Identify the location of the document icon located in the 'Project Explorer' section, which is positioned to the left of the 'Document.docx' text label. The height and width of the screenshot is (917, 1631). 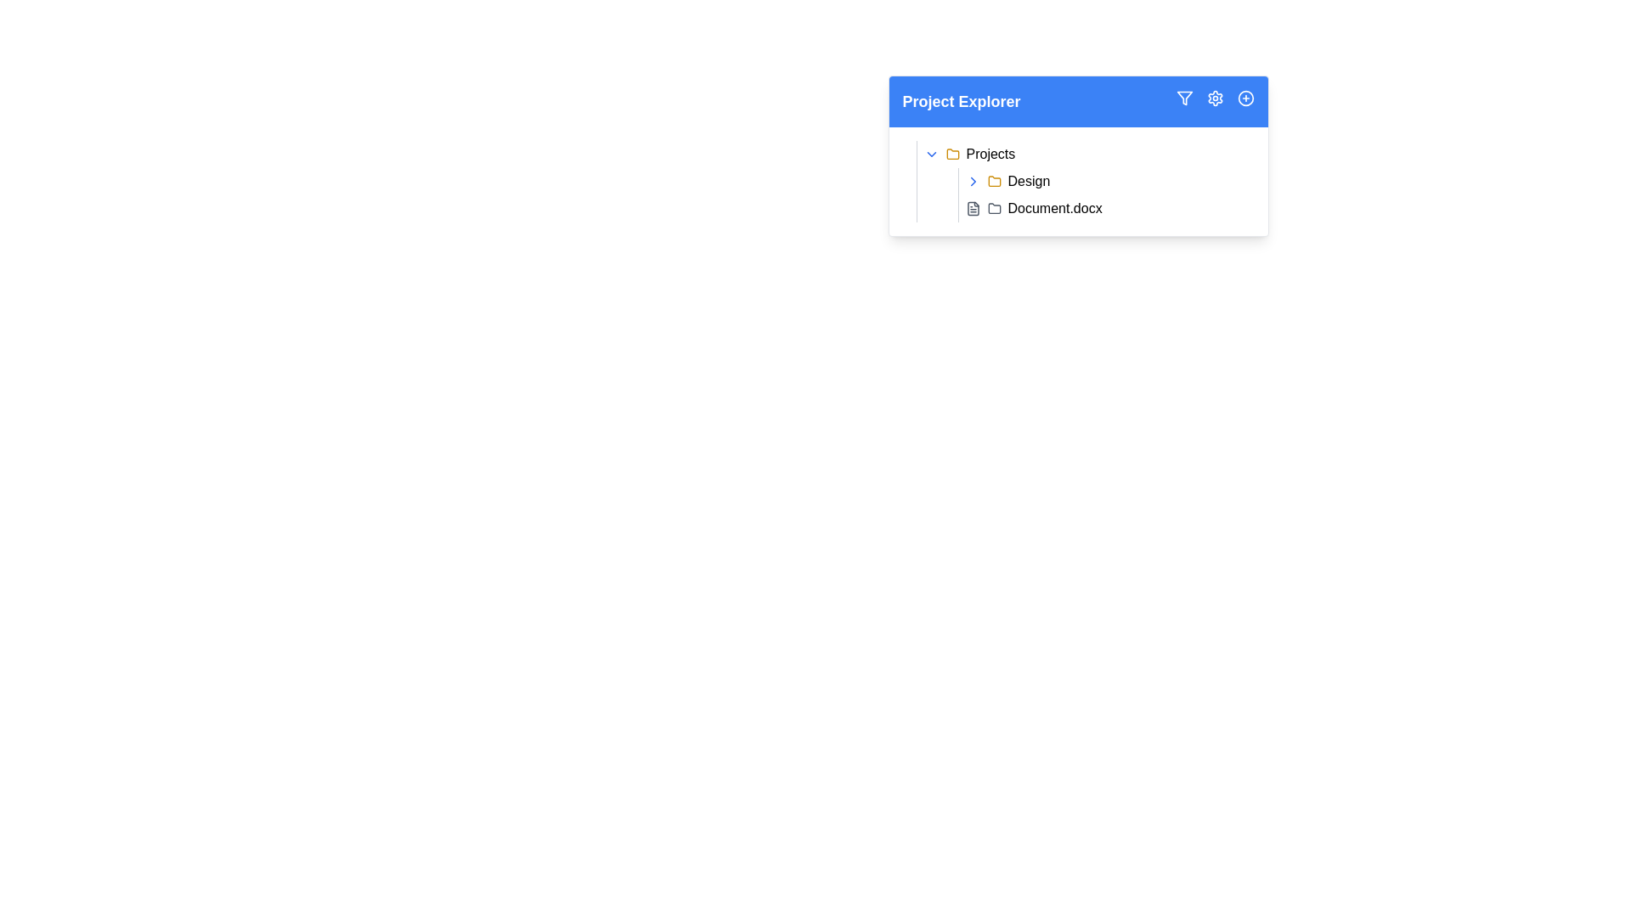
(973, 208).